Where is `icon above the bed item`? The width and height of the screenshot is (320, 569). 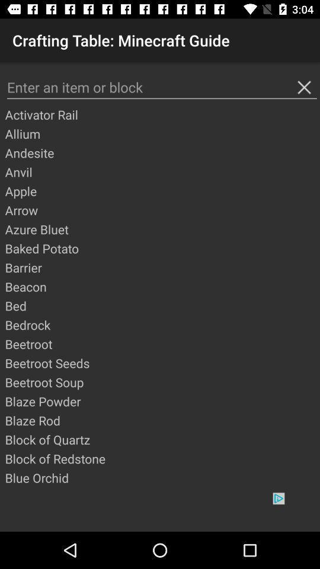
icon above the bed item is located at coordinates (161, 286).